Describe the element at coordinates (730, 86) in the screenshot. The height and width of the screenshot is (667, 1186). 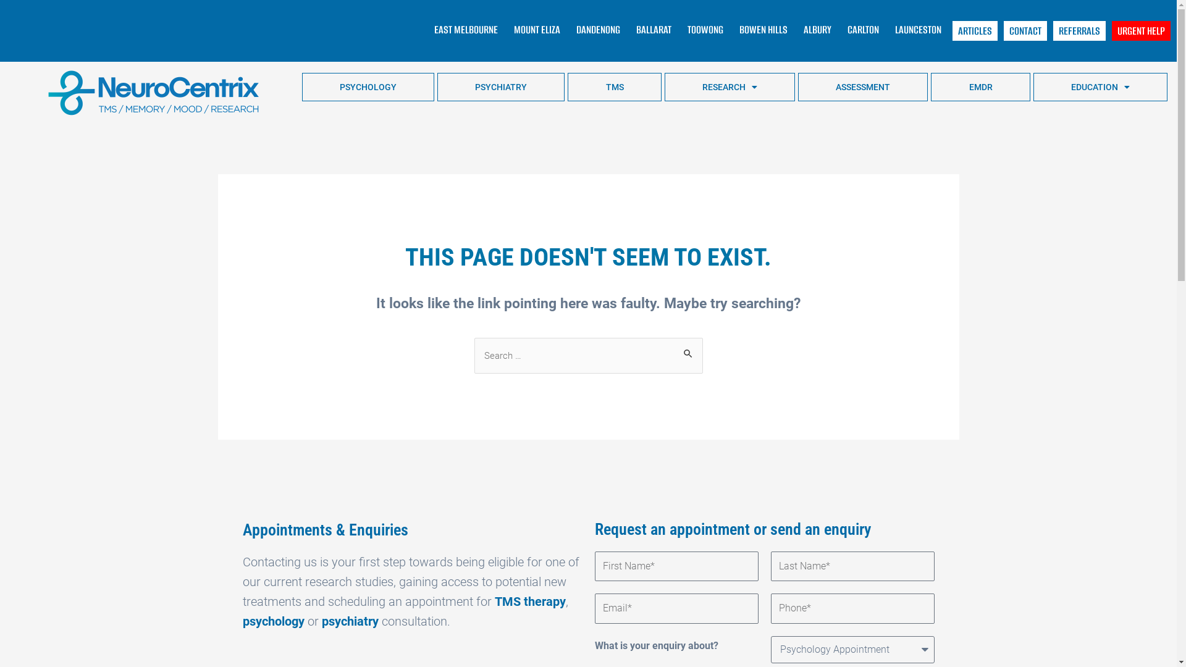
I see `'RESEARCH'` at that location.